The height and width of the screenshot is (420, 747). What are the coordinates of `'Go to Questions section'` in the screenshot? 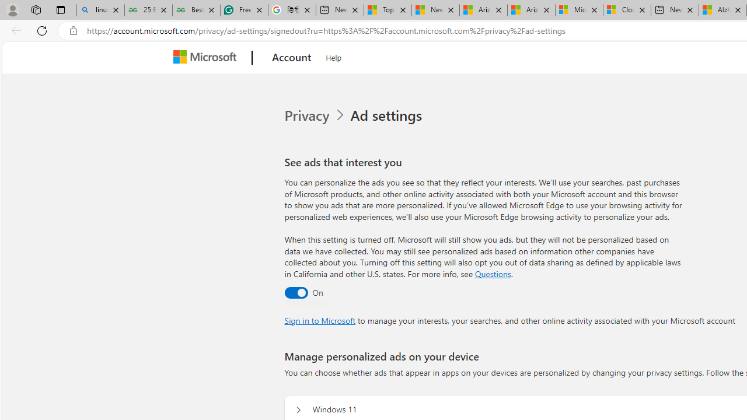 It's located at (493, 274).